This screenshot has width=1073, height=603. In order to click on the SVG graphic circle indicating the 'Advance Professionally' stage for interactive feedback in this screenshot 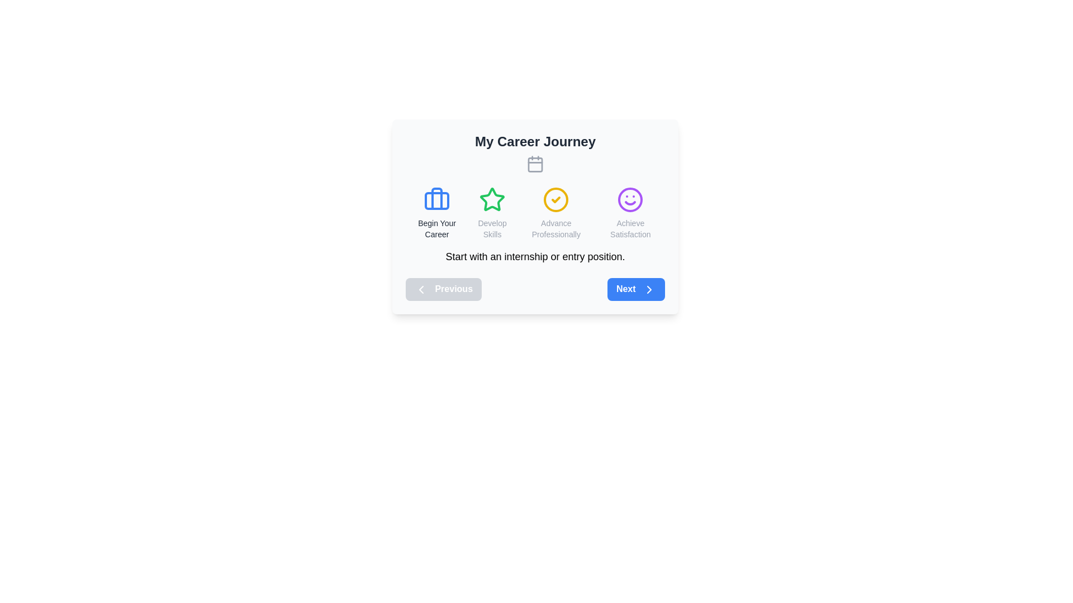, I will do `click(556, 199)`.